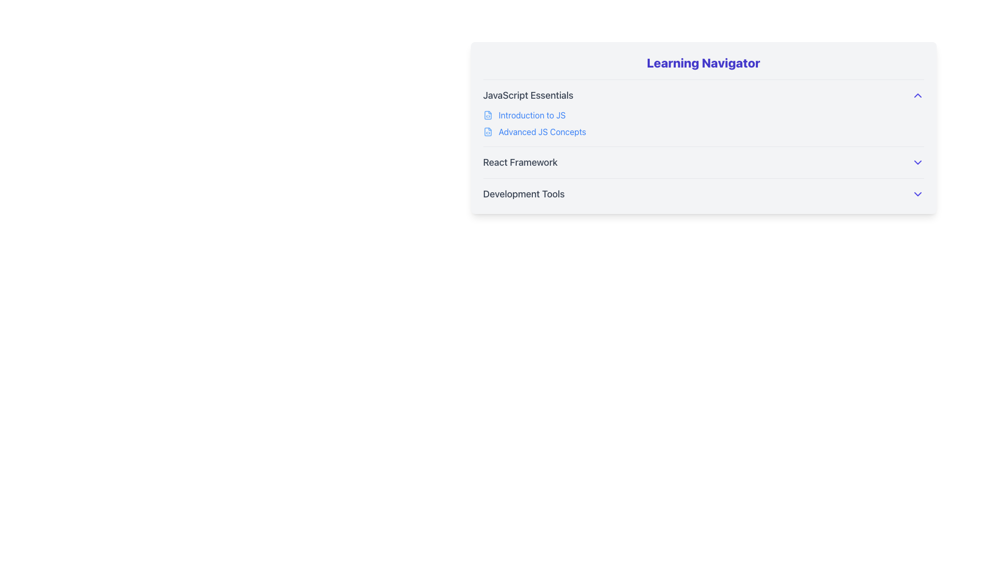  I want to click on the icon representing 'Advanced JS Concepts' located to the left of its clickable label in the 'JavaScript Essentials' section, so click(487, 131).